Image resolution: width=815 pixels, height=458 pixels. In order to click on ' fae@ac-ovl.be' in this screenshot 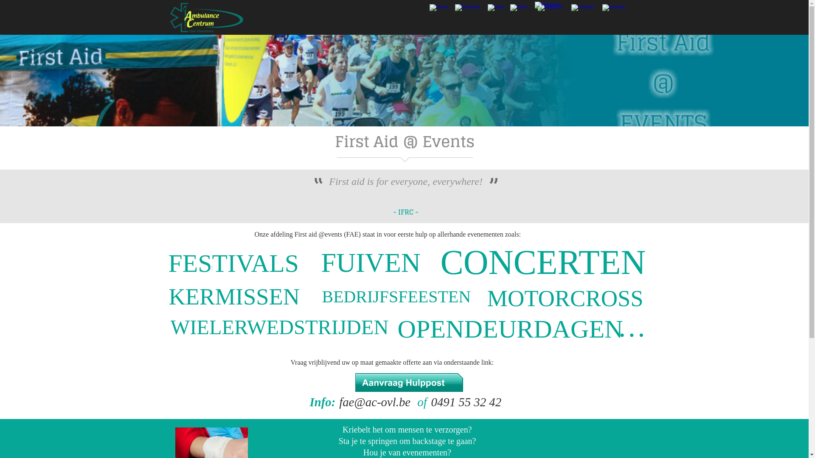, I will do `click(374, 402)`.